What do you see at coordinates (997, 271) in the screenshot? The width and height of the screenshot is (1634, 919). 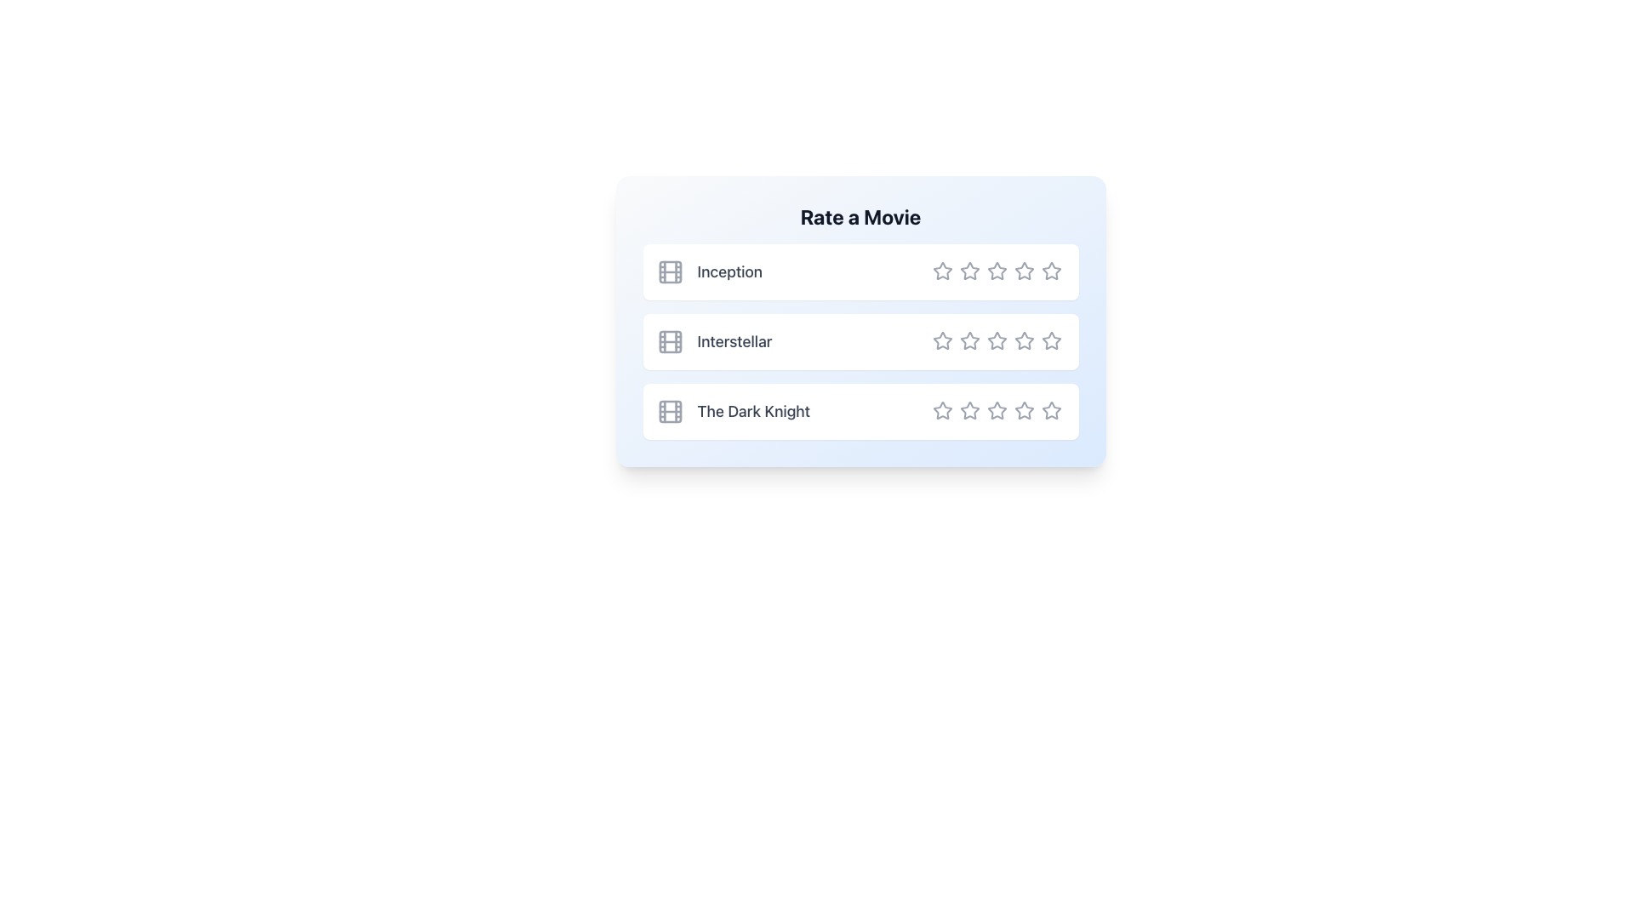 I see `the third star icon to assign a 3-star rating to the movie 'Inception.'` at bounding box center [997, 271].